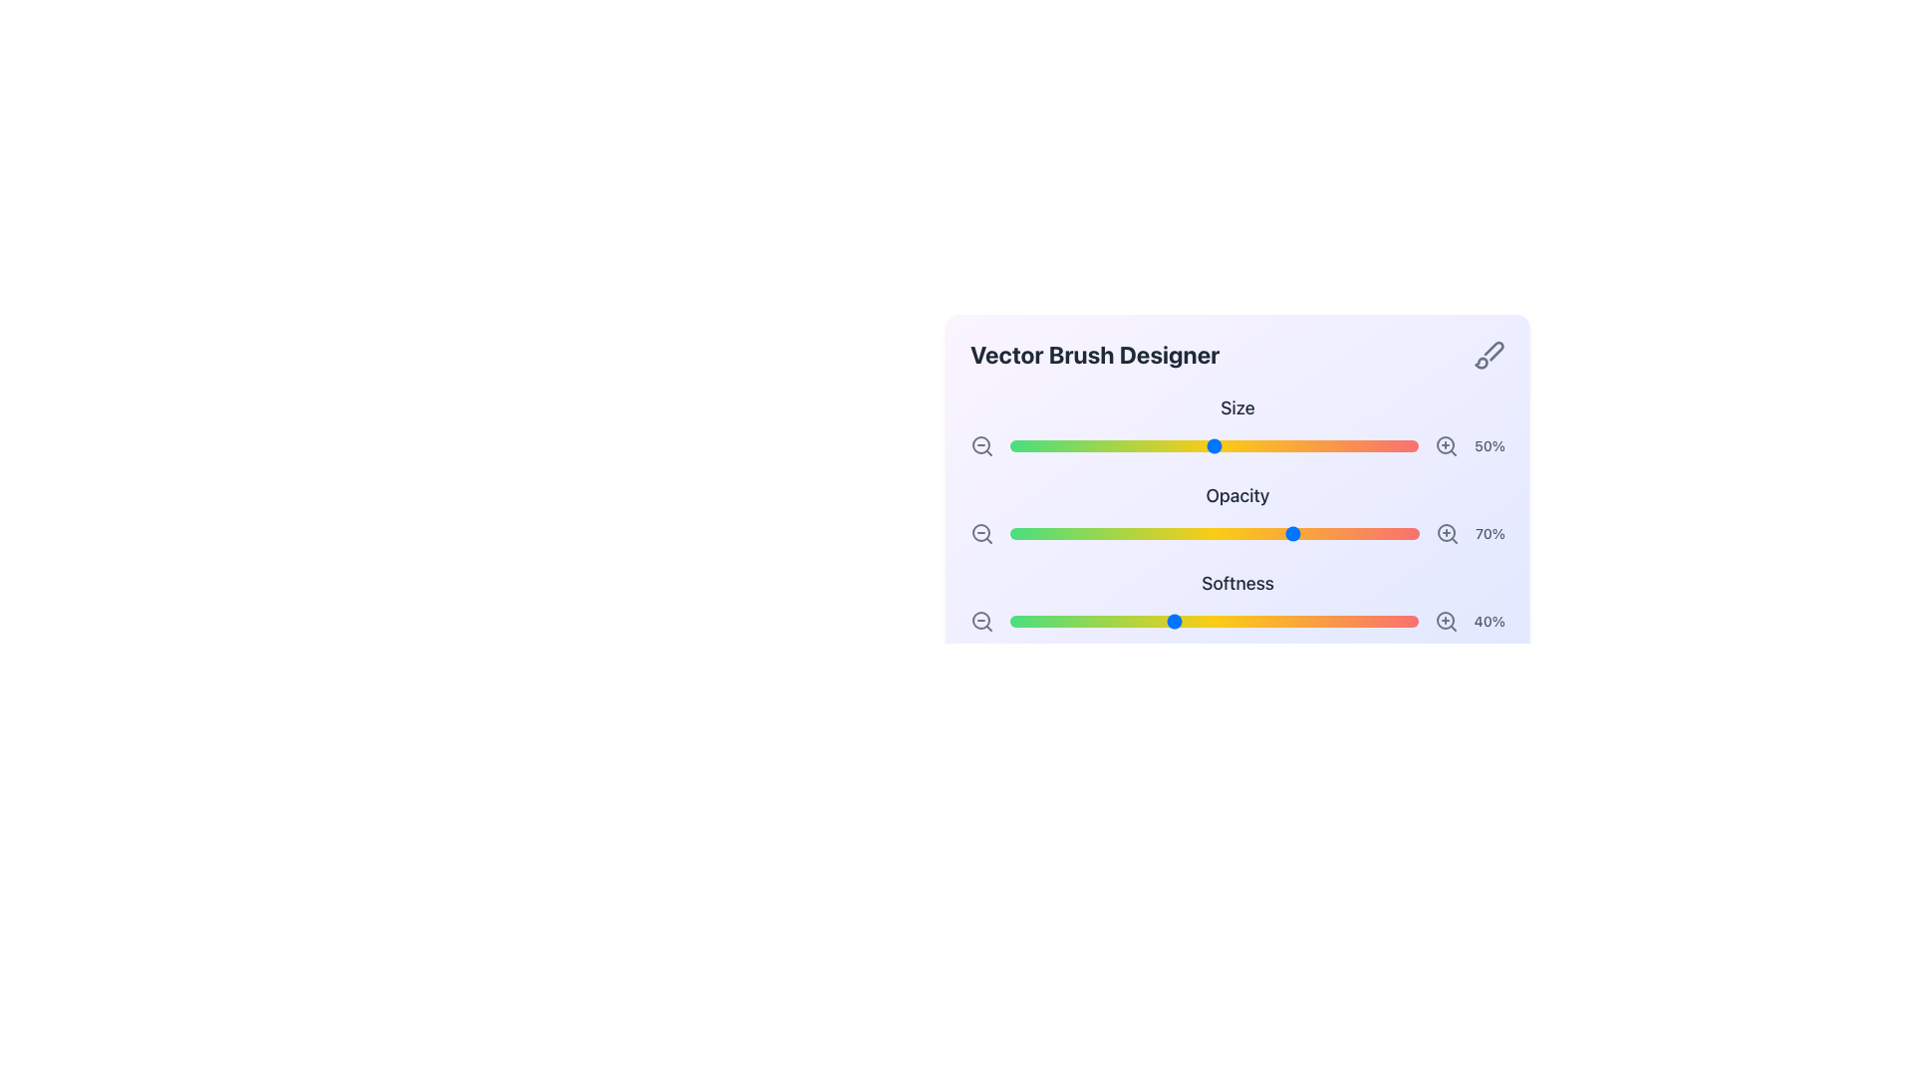  Describe the element at coordinates (1300, 621) in the screenshot. I see `softness` at that location.